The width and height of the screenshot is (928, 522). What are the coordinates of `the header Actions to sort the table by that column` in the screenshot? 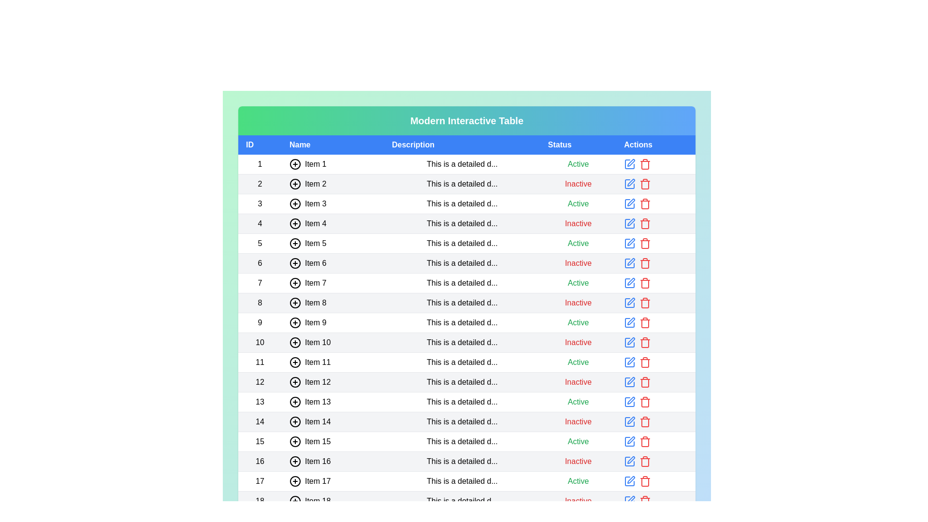 It's located at (656, 145).